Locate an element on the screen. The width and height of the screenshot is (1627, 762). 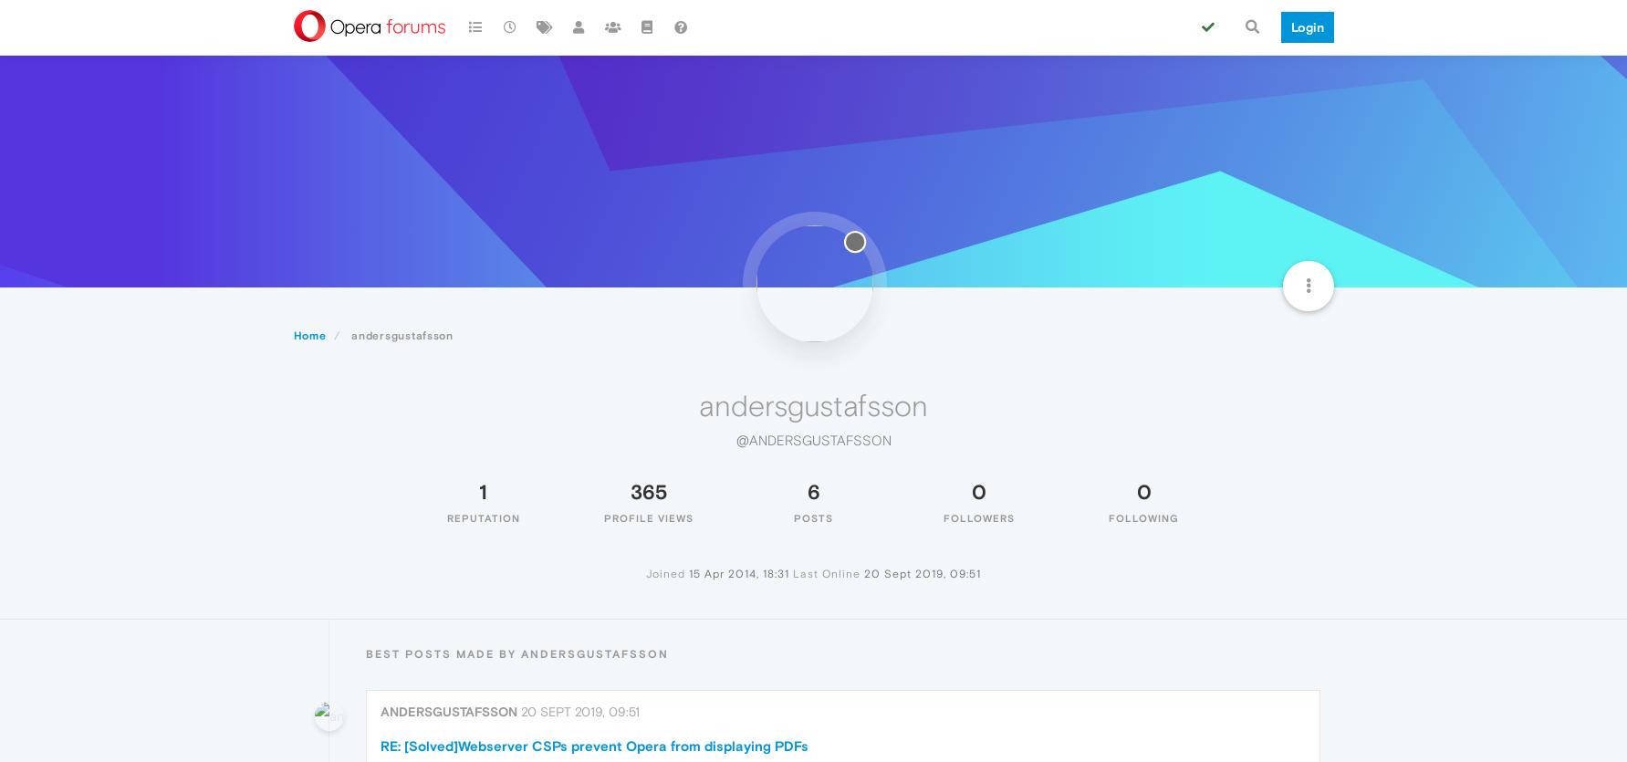
'Followers' is located at coordinates (977, 517).